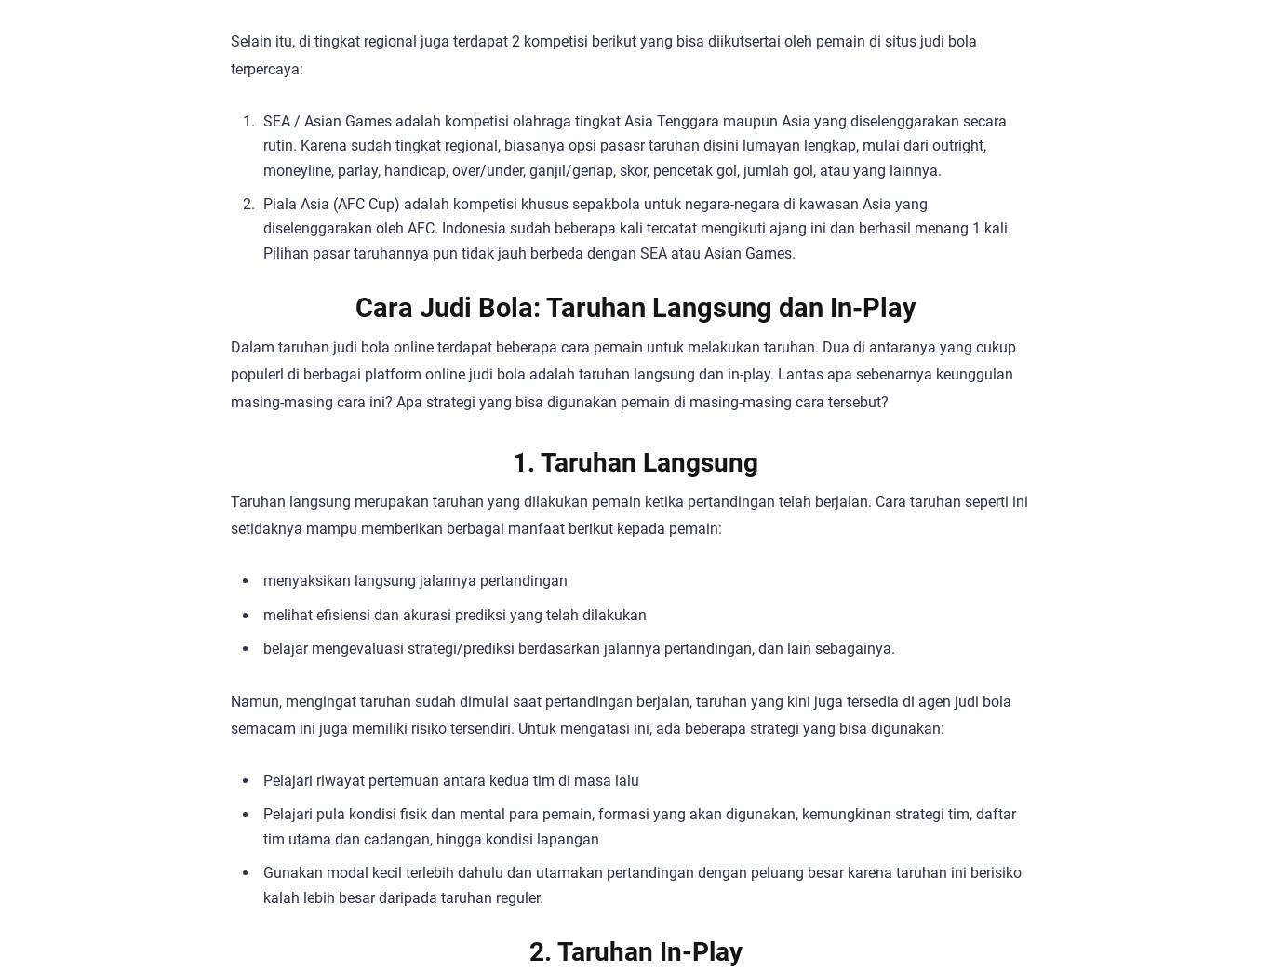  I want to click on 'melihat efisiensi dan akurasi prediksi yang telah dilakukan', so click(455, 613).